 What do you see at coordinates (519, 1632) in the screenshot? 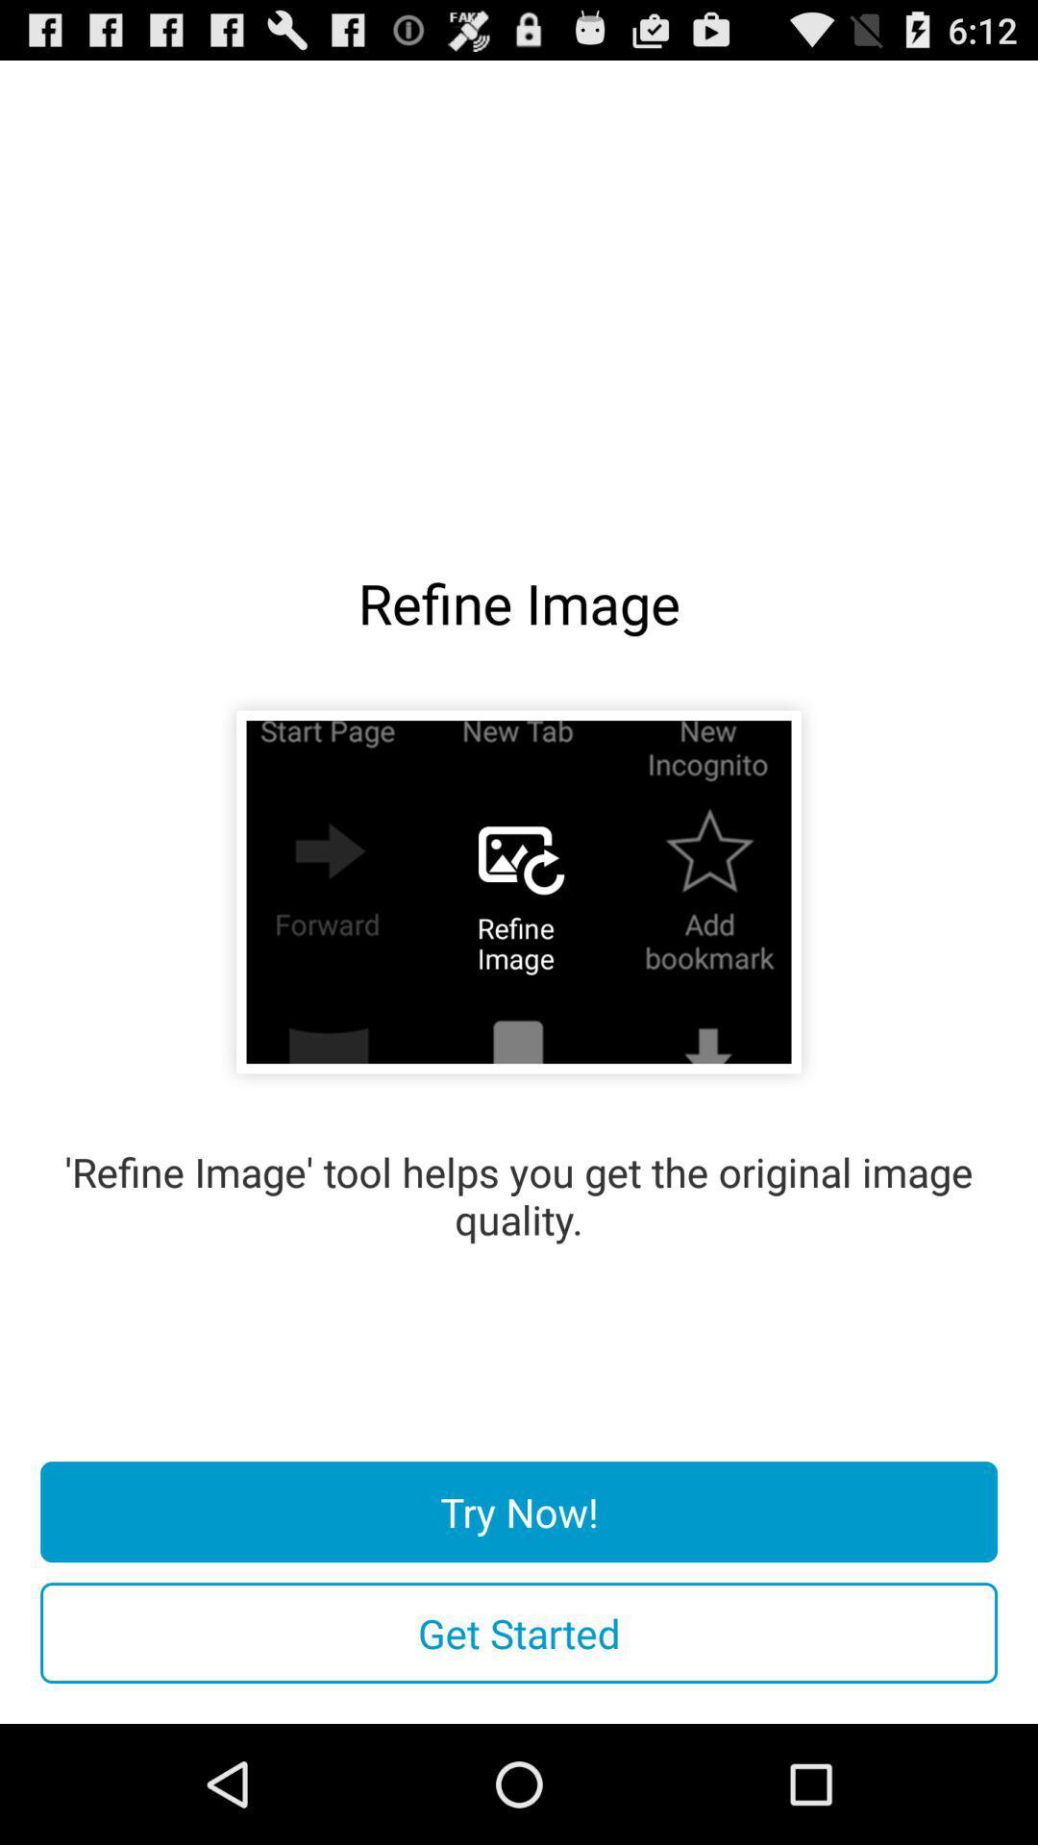
I see `the item below try now! button` at bounding box center [519, 1632].